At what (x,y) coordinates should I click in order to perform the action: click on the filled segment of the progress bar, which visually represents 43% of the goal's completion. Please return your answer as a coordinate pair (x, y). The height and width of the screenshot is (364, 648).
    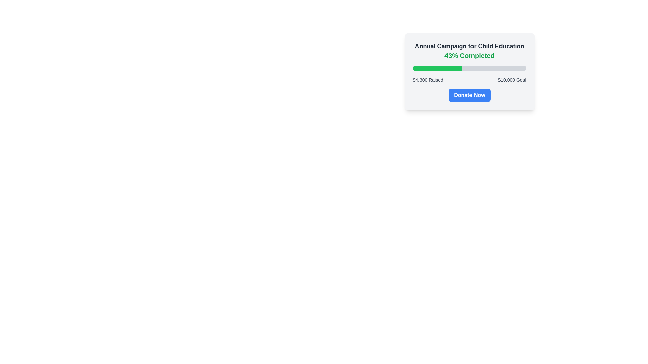
    Looking at the image, I should click on (437, 68).